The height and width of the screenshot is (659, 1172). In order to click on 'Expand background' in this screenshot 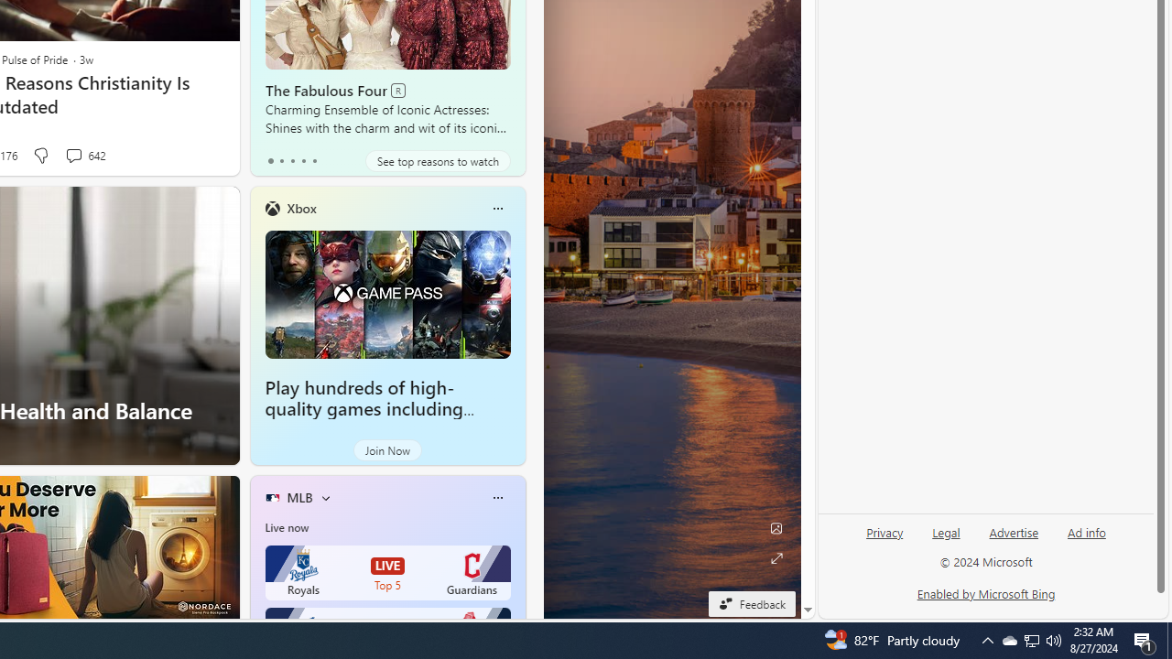, I will do `click(776, 557)`.